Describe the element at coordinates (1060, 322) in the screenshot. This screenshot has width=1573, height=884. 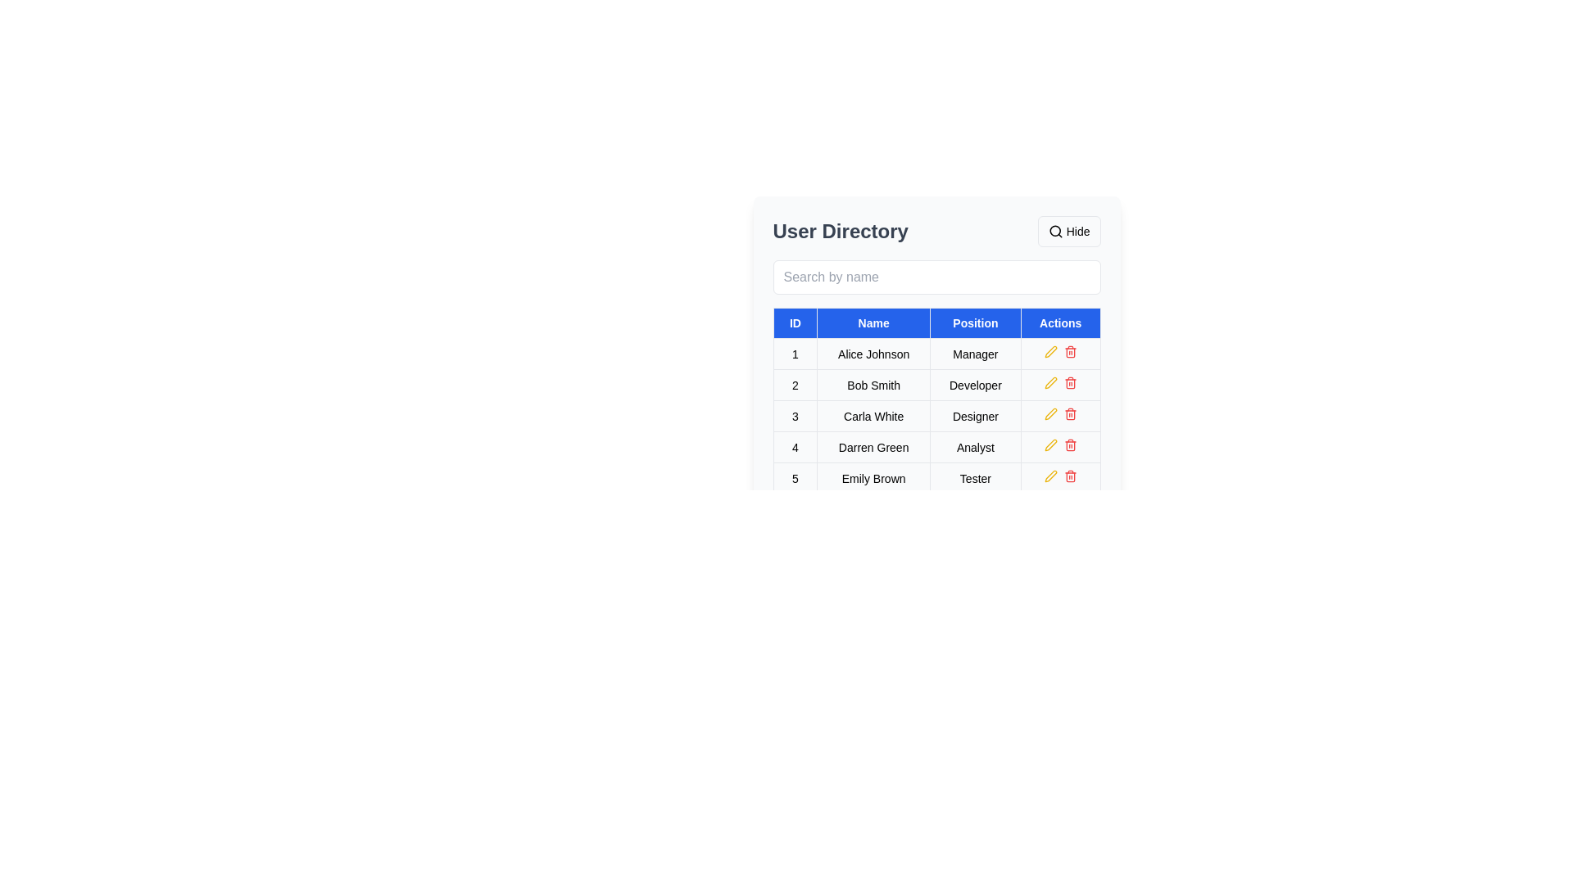
I see `the table header cell located at the top-right corner of the table, which indicates actionable operations for the column` at that location.